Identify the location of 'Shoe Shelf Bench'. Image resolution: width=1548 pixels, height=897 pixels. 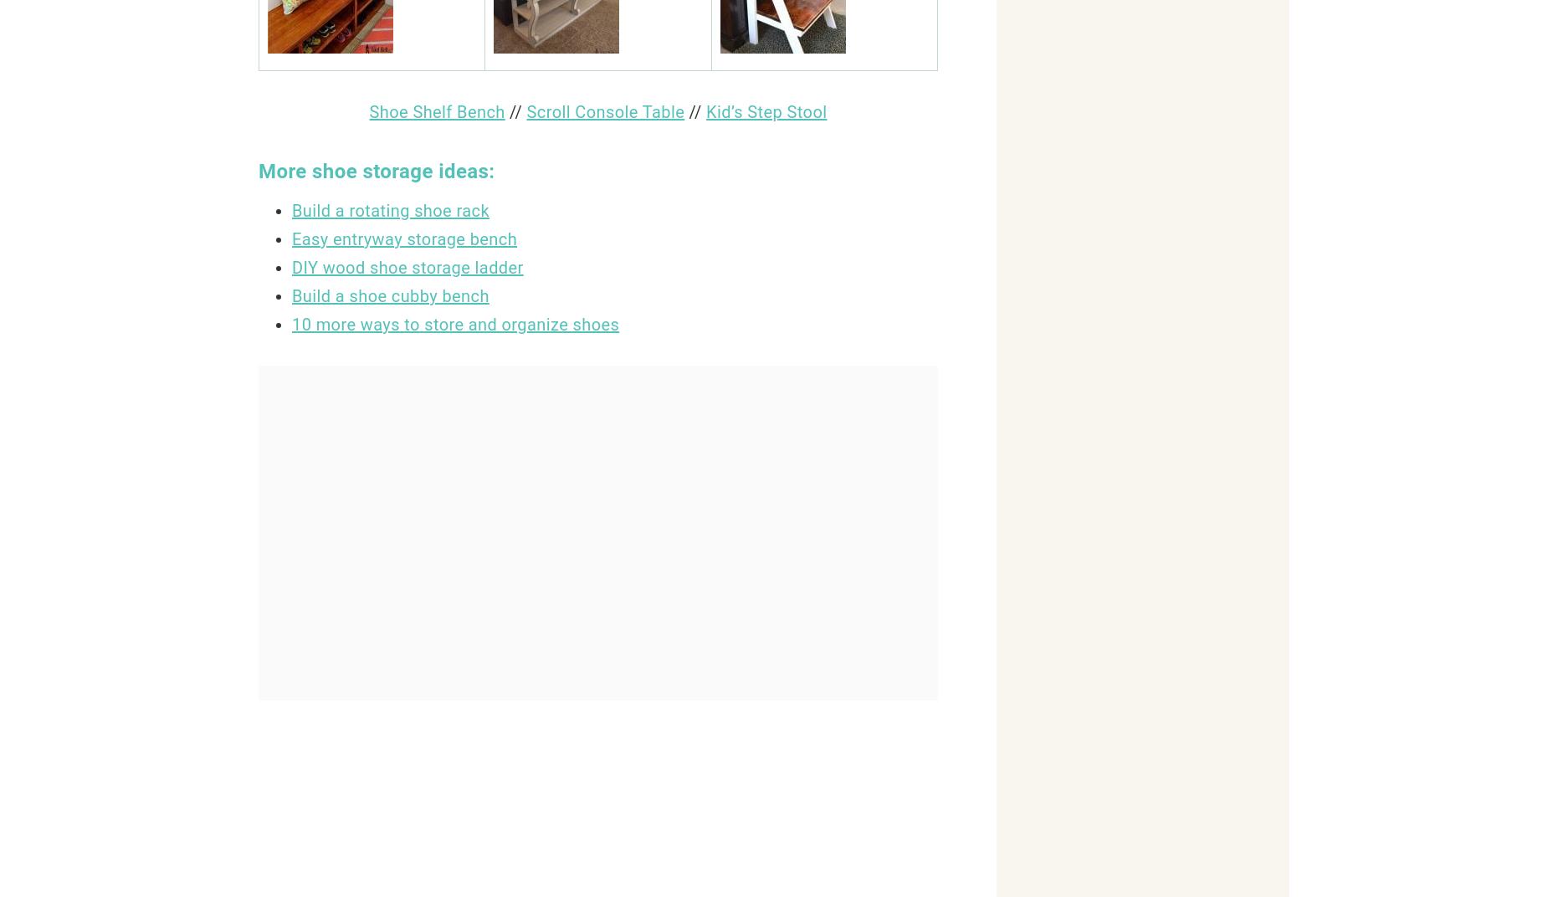
(437, 112).